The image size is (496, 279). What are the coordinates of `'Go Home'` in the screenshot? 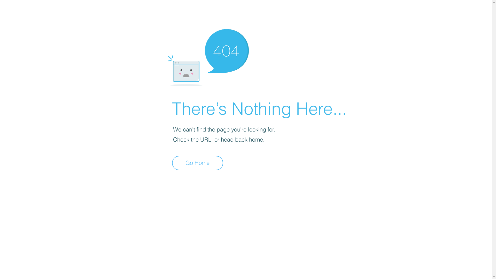 It's located at (197, 163).